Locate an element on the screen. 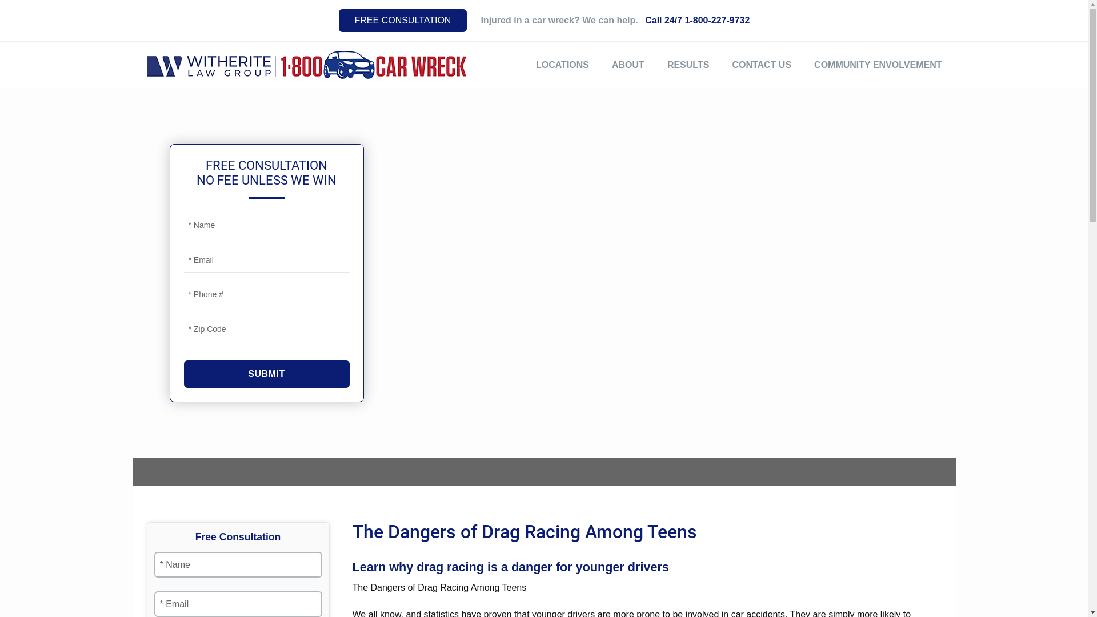 This screenshot has height=617, width=1097. 'LOCATIONS' is located at coordinates (562, 65).